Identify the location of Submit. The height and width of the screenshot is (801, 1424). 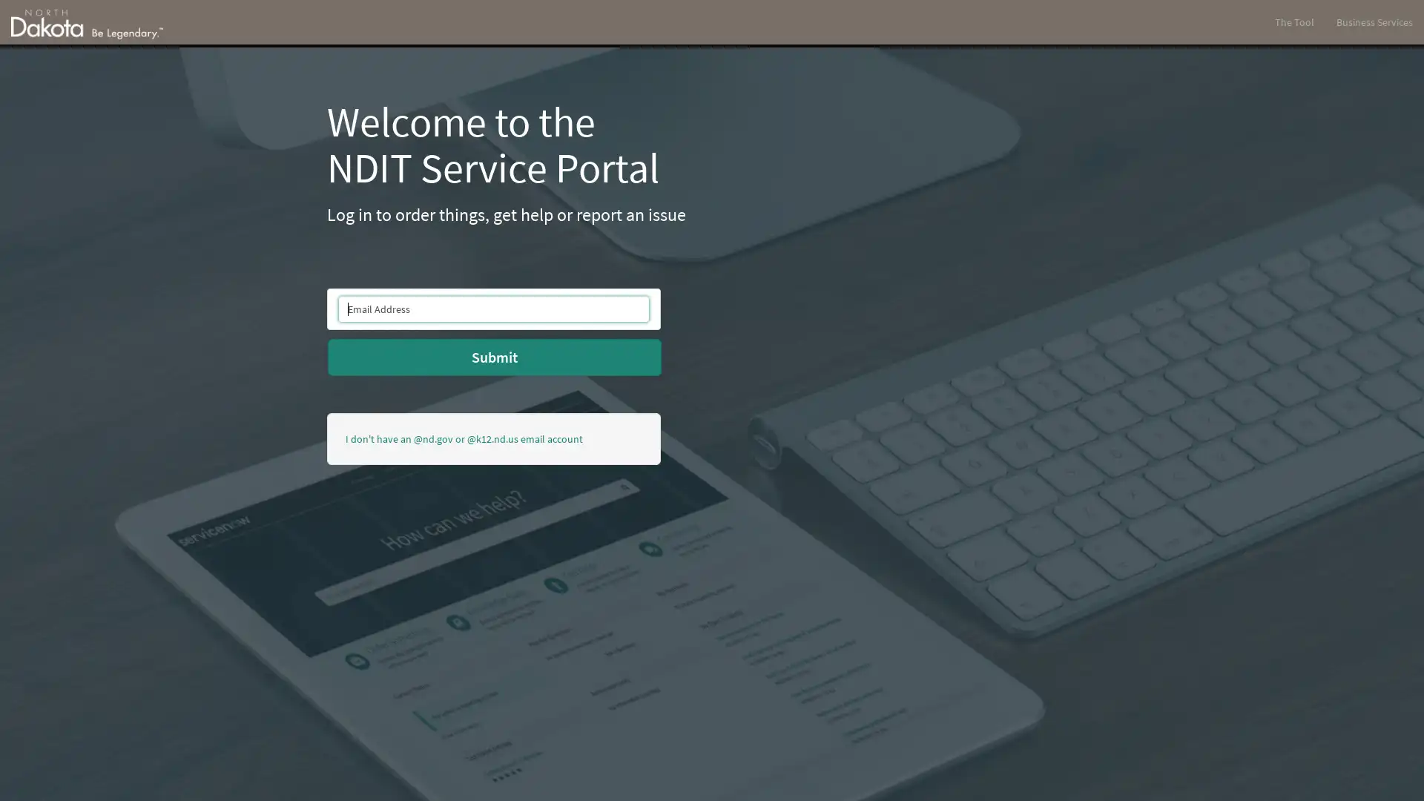
(494, 357).